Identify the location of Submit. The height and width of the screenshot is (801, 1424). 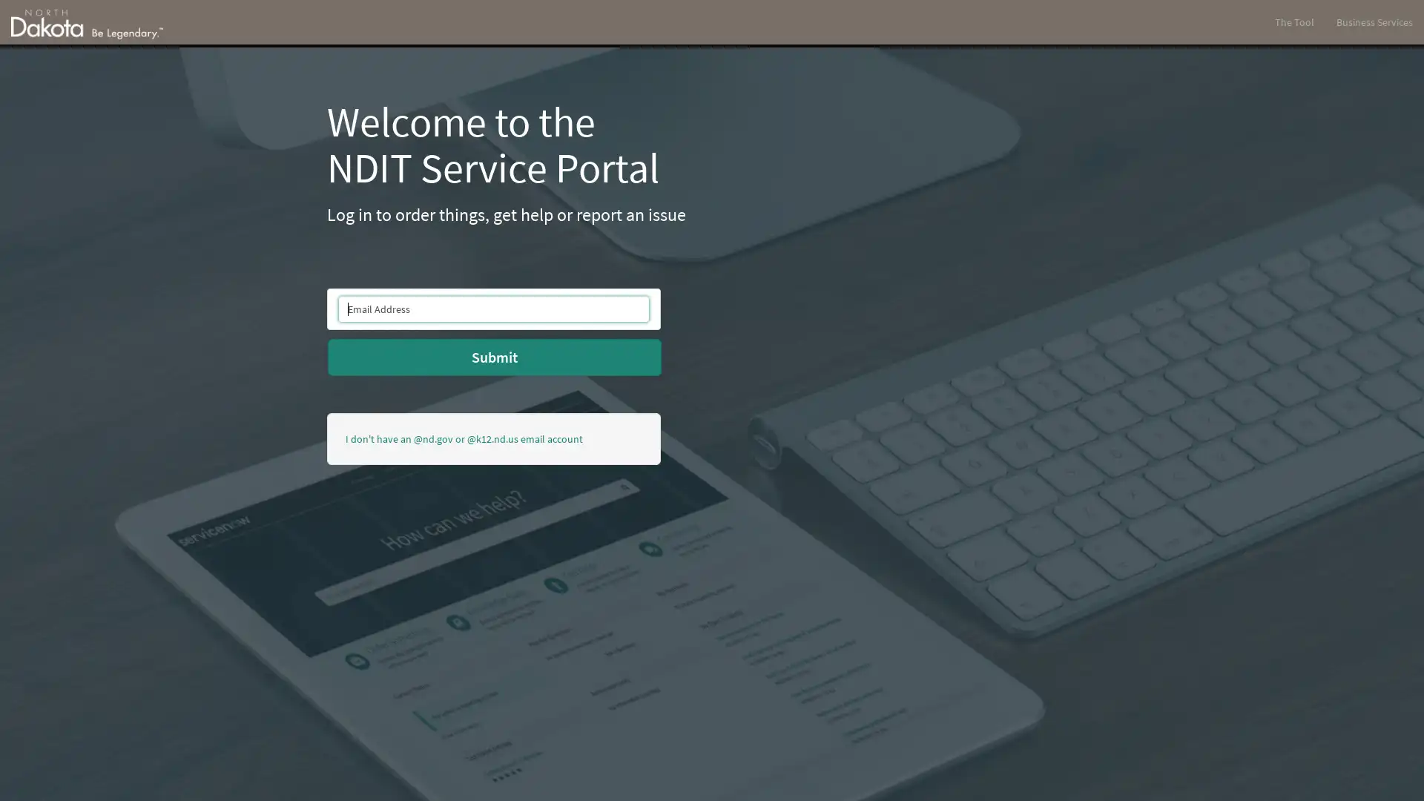
(494, 357).